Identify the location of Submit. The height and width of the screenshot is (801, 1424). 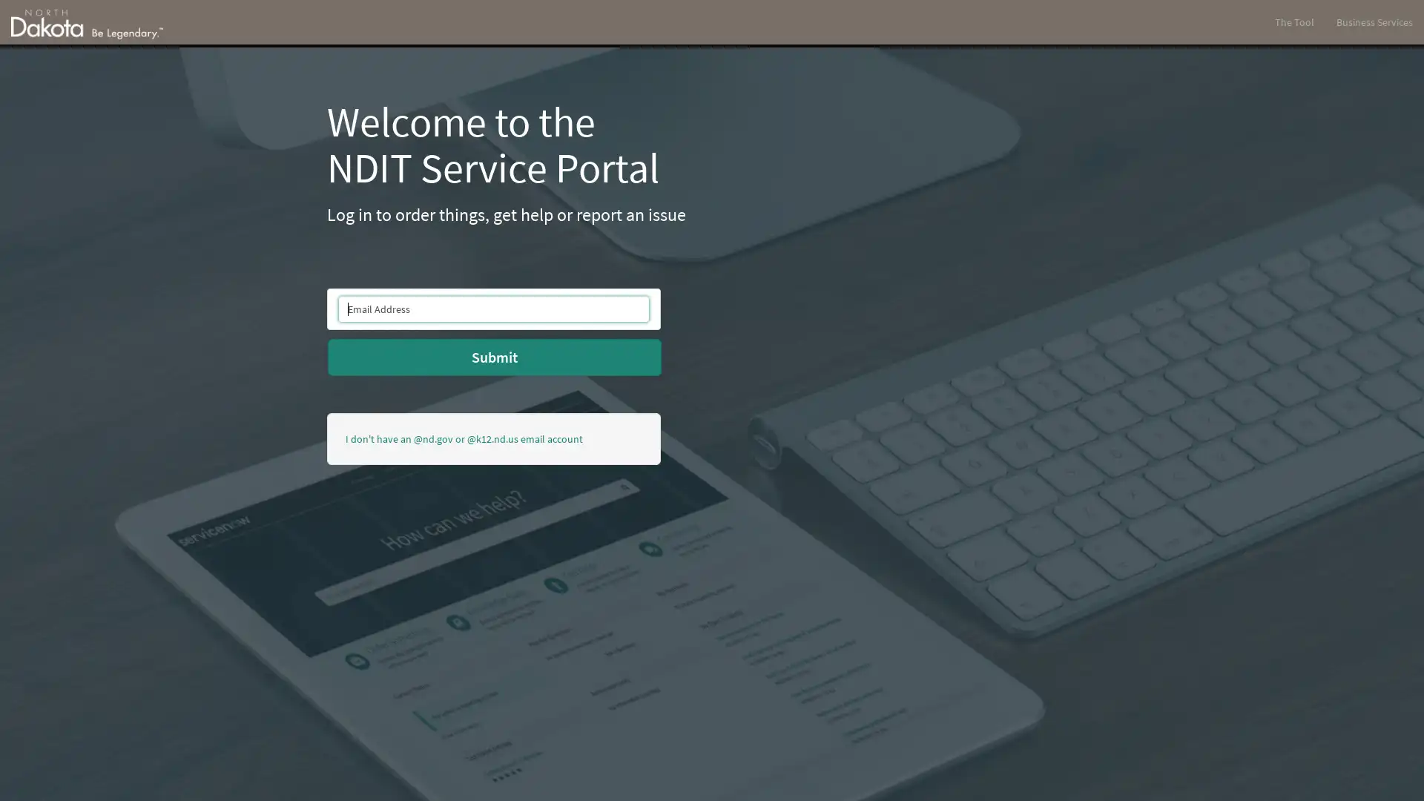
(494, 357).